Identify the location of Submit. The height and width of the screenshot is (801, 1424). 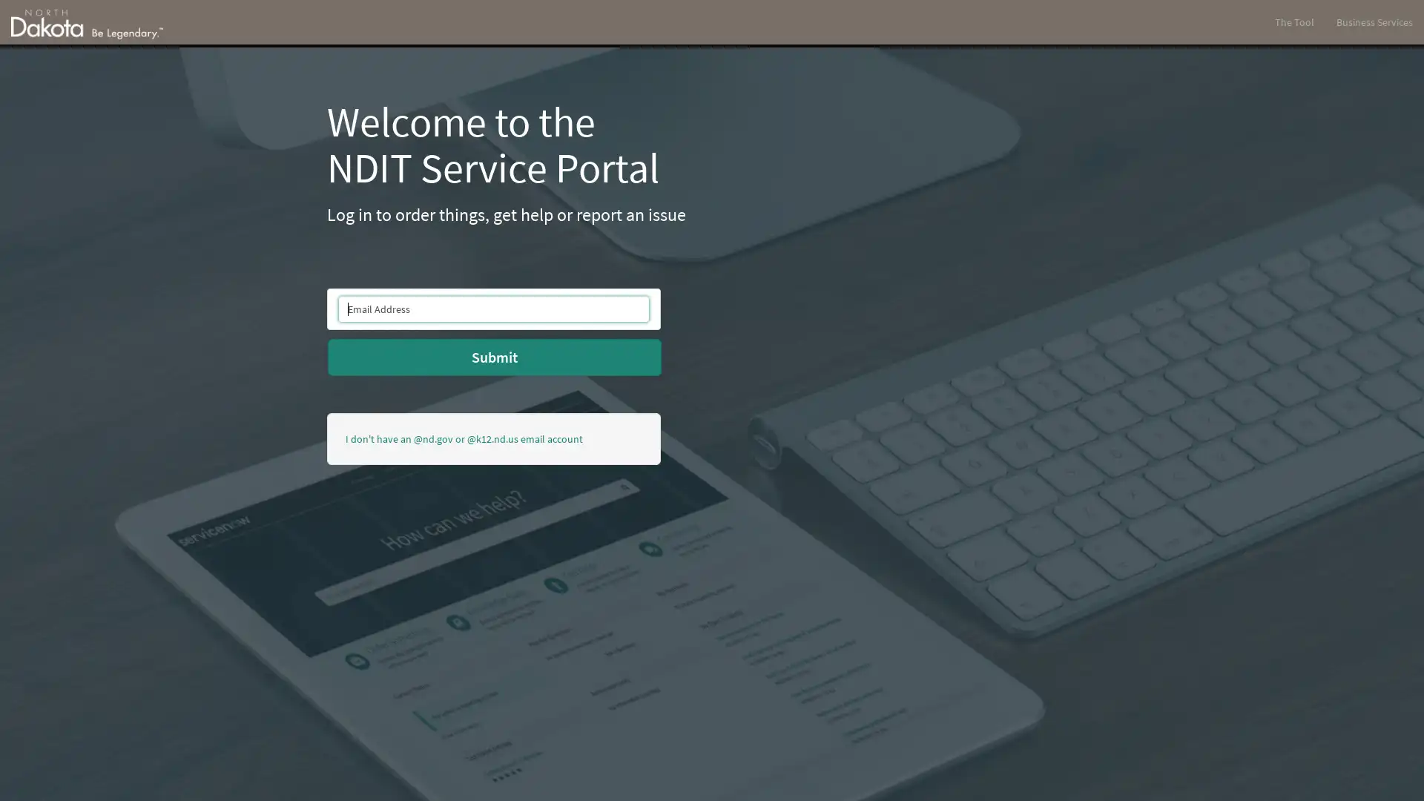
(494, 357).